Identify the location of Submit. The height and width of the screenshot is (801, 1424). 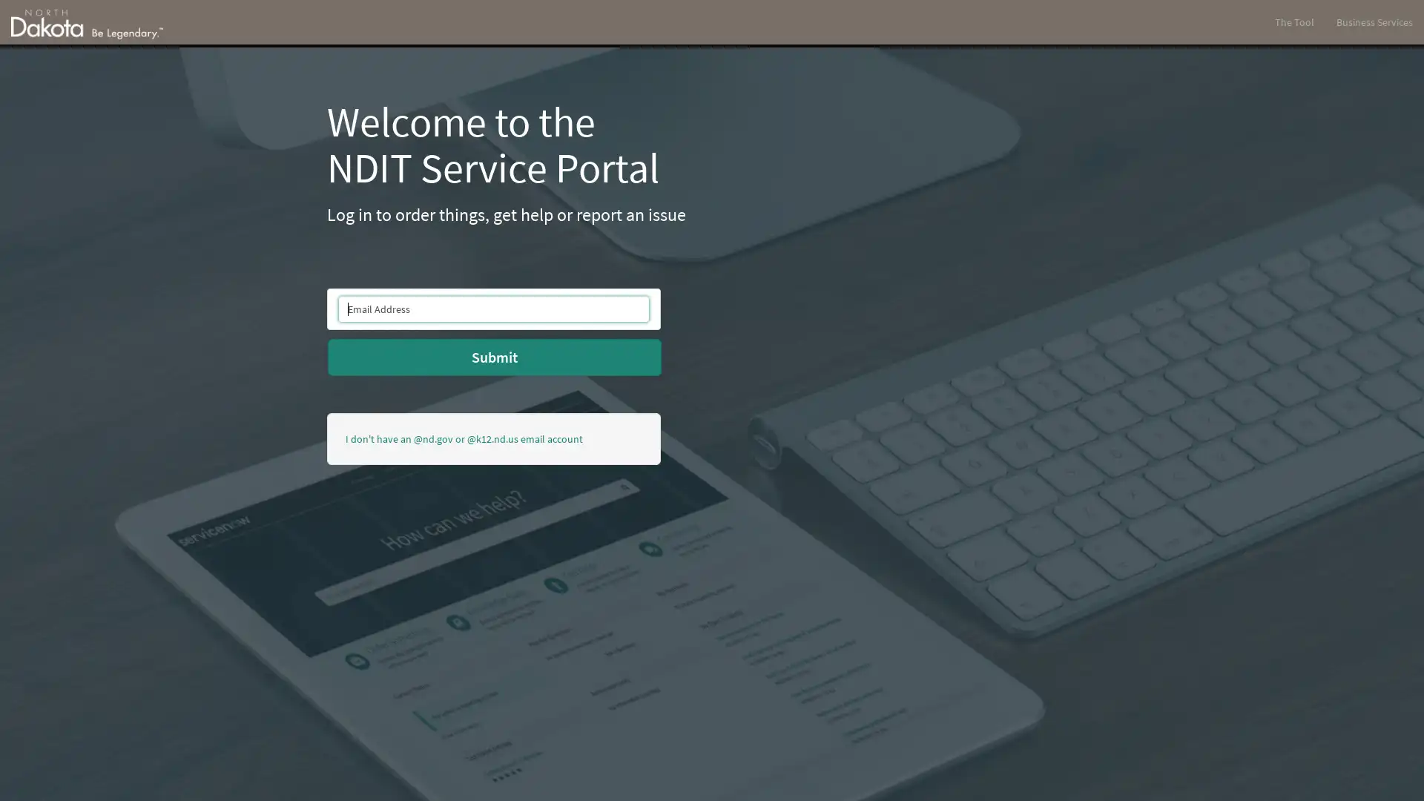
(494, 357).